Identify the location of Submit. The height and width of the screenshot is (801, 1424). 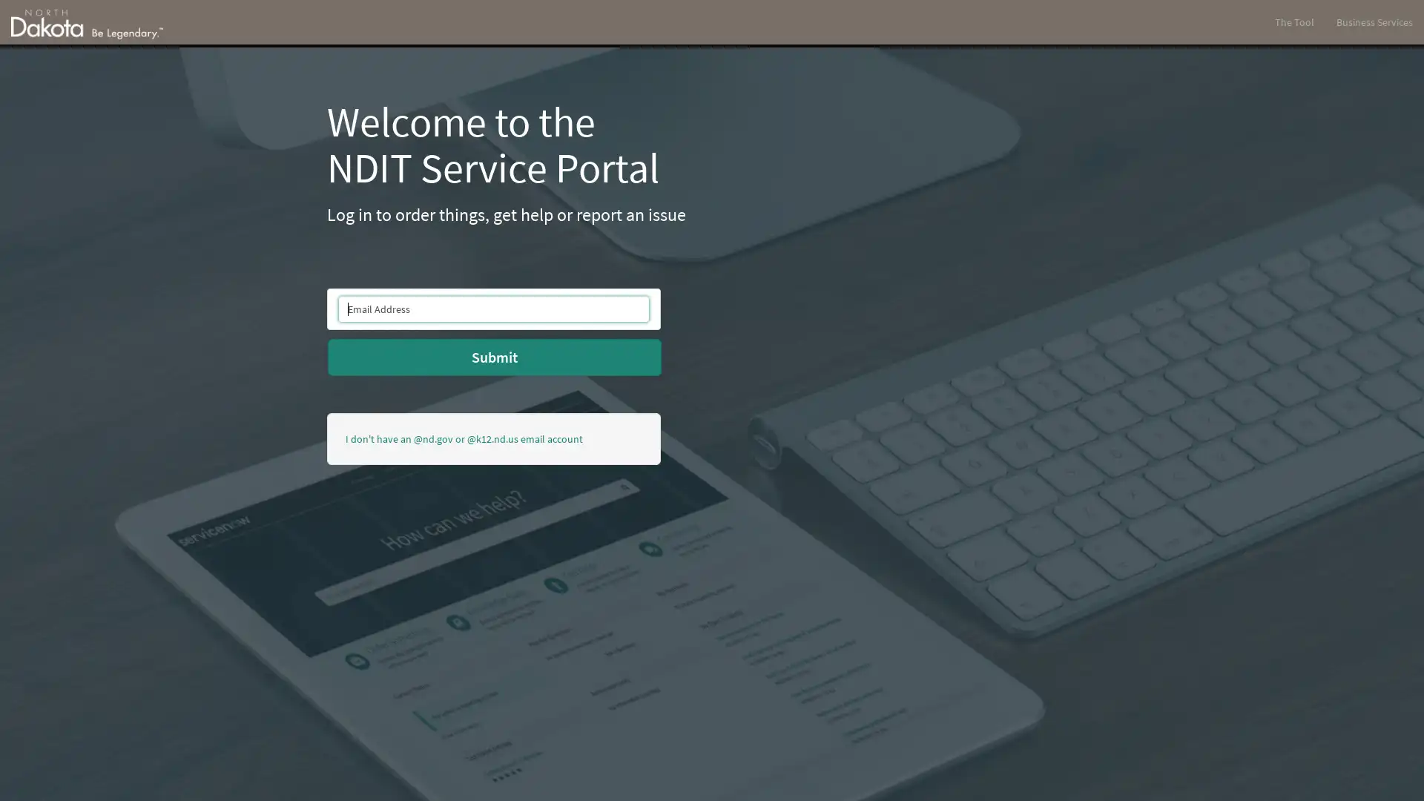
(494, 357).